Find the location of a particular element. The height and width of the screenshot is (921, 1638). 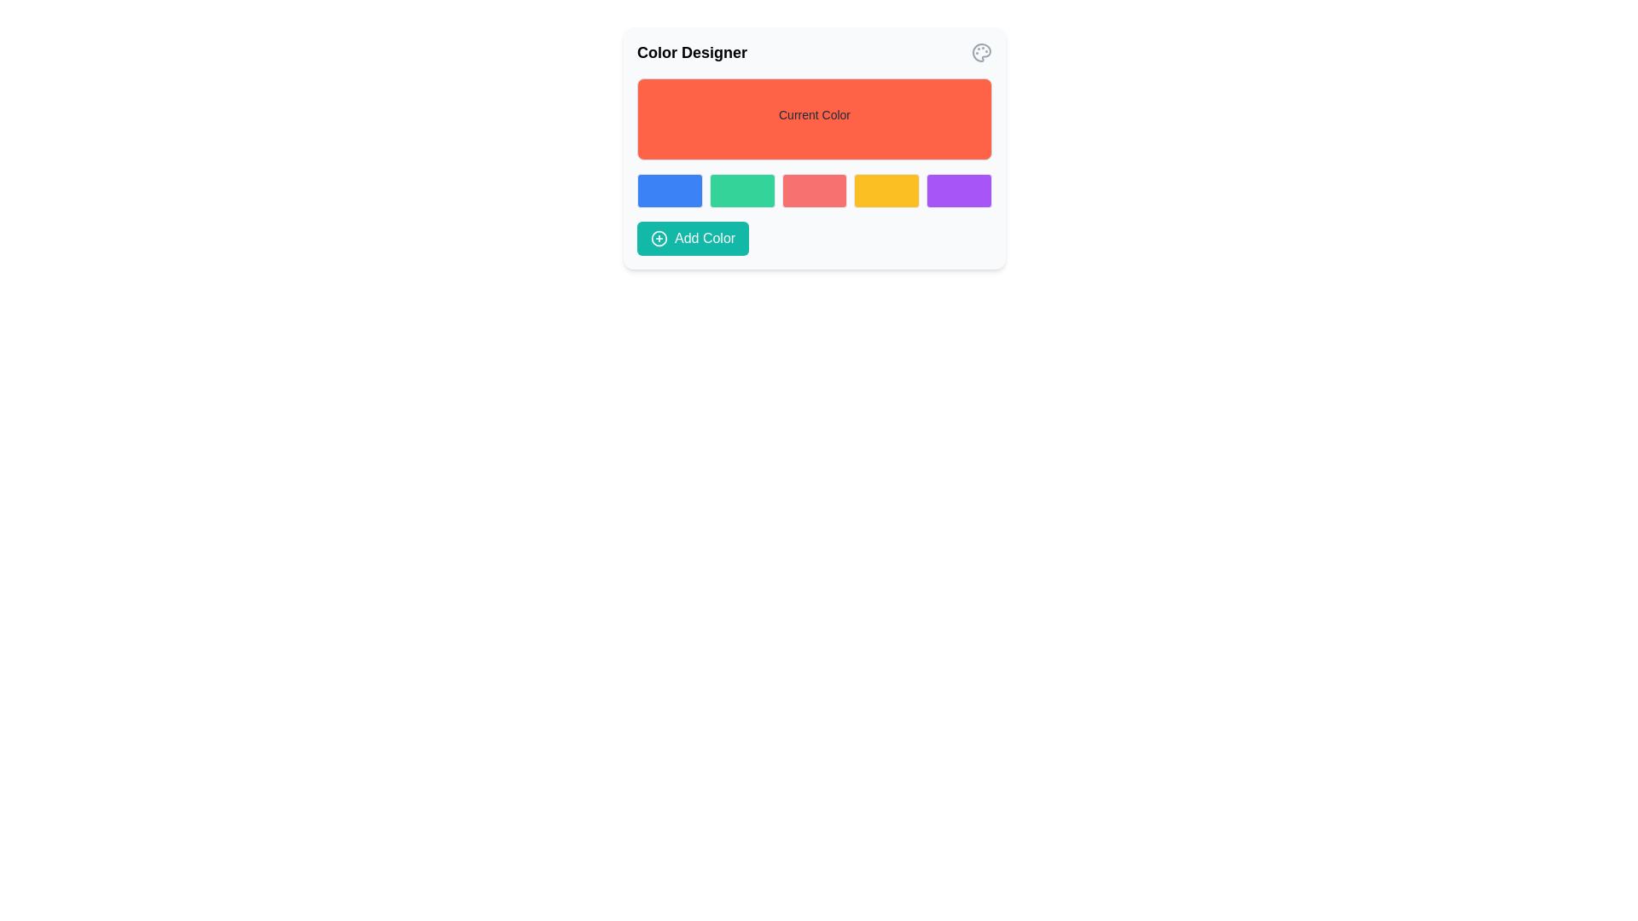

the fourth rectangular button with a vibrant yellow background is located at coordinates (886, 190).